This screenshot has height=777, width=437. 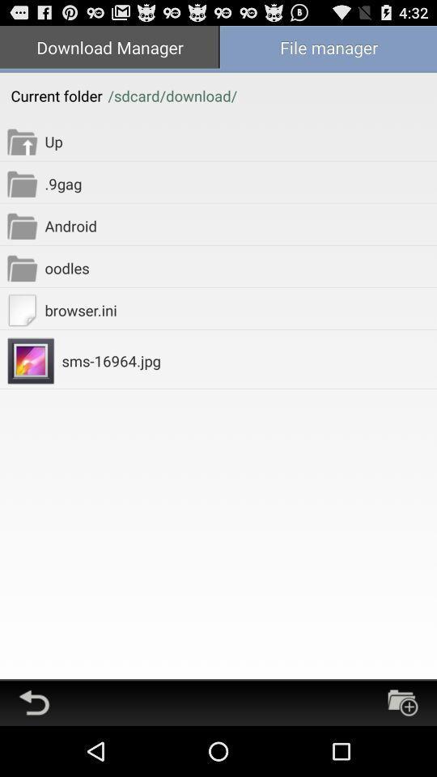 I want to click on the icon next to the file manager app, so click(x=109, y=48).